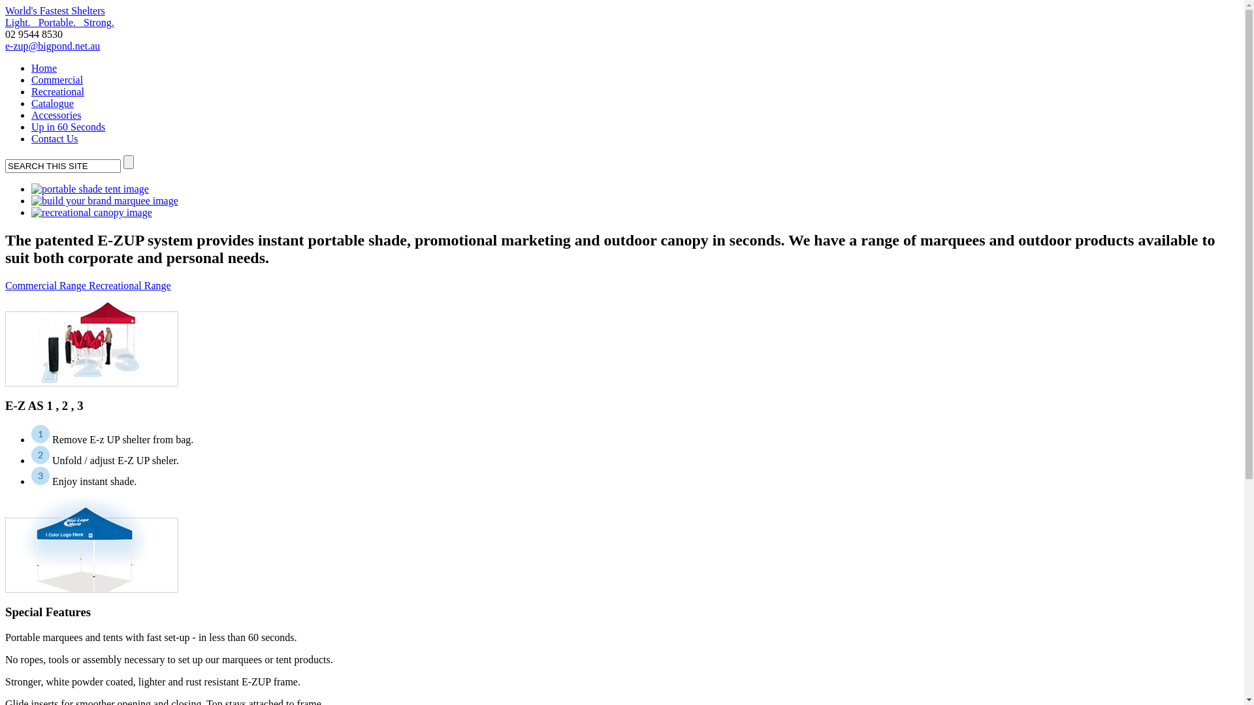 Image resolution: width=1254 pixels, height=705 pixels. I want to click on 'Home', so click(44, 68).